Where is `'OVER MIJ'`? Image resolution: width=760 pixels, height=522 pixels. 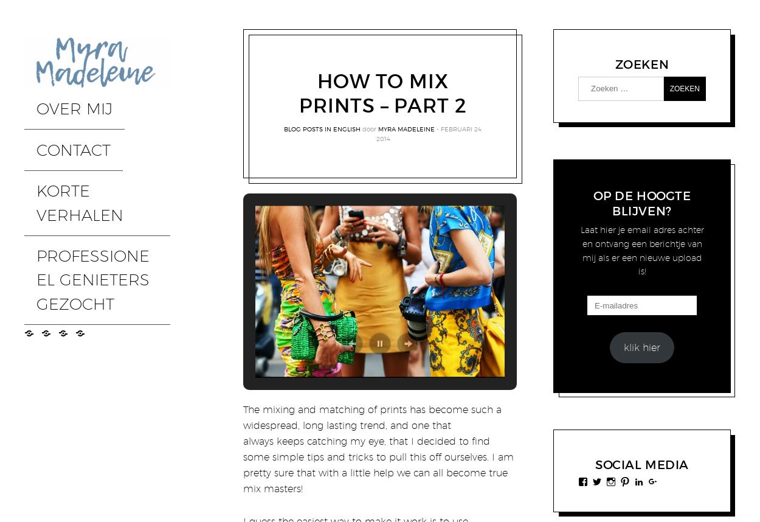
'OVER MIJ' is located at coordinates (50, 97).